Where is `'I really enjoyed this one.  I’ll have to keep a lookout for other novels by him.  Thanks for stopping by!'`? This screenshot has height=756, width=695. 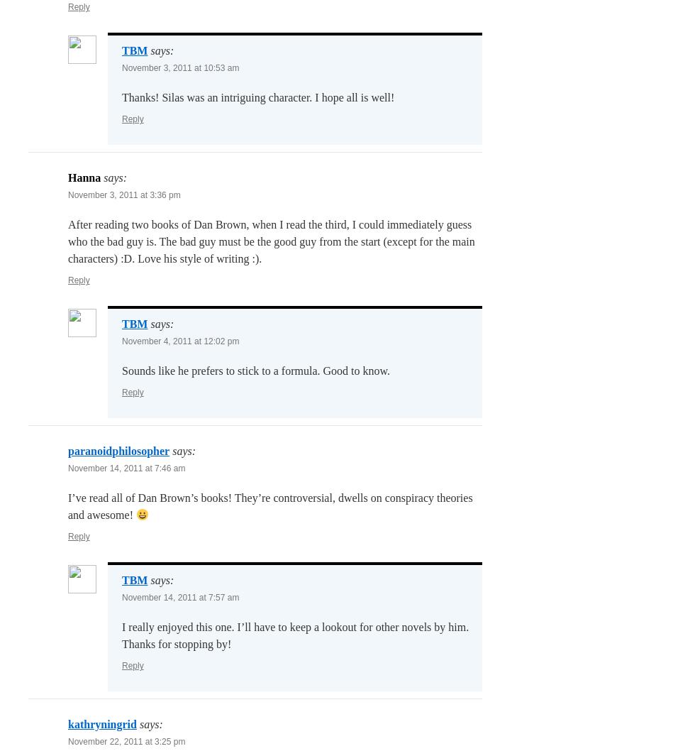 'I really enjoyed this one.  I’ll have to keep a lookout for other novels by him.  Thanks for stopping by!' is located at coordinates (295, 635).